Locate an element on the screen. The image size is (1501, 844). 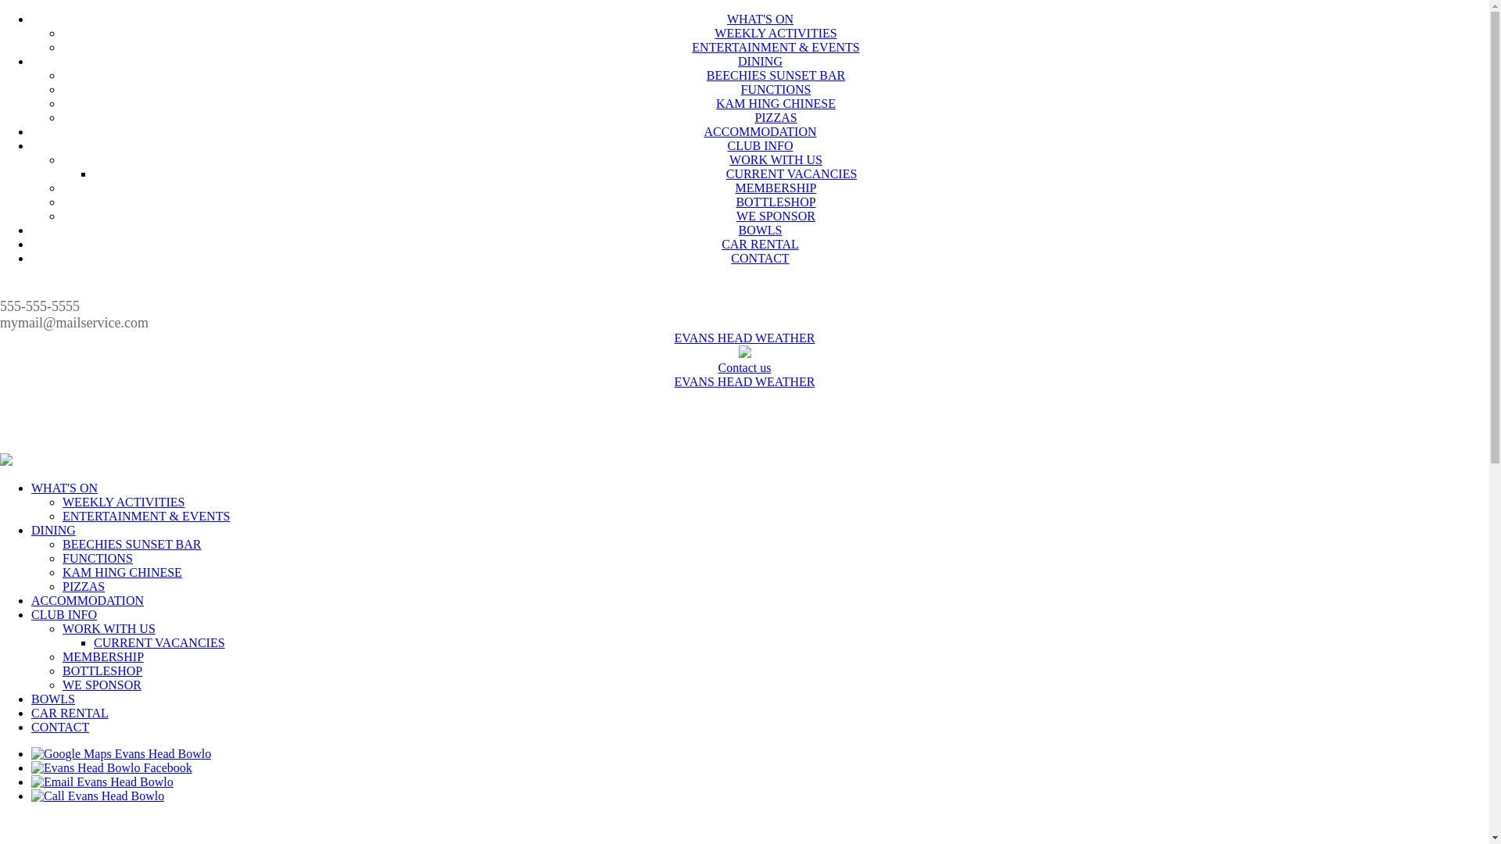
'ENTERTAINMENT & EVENTS' is located at coordinates (146, 516).